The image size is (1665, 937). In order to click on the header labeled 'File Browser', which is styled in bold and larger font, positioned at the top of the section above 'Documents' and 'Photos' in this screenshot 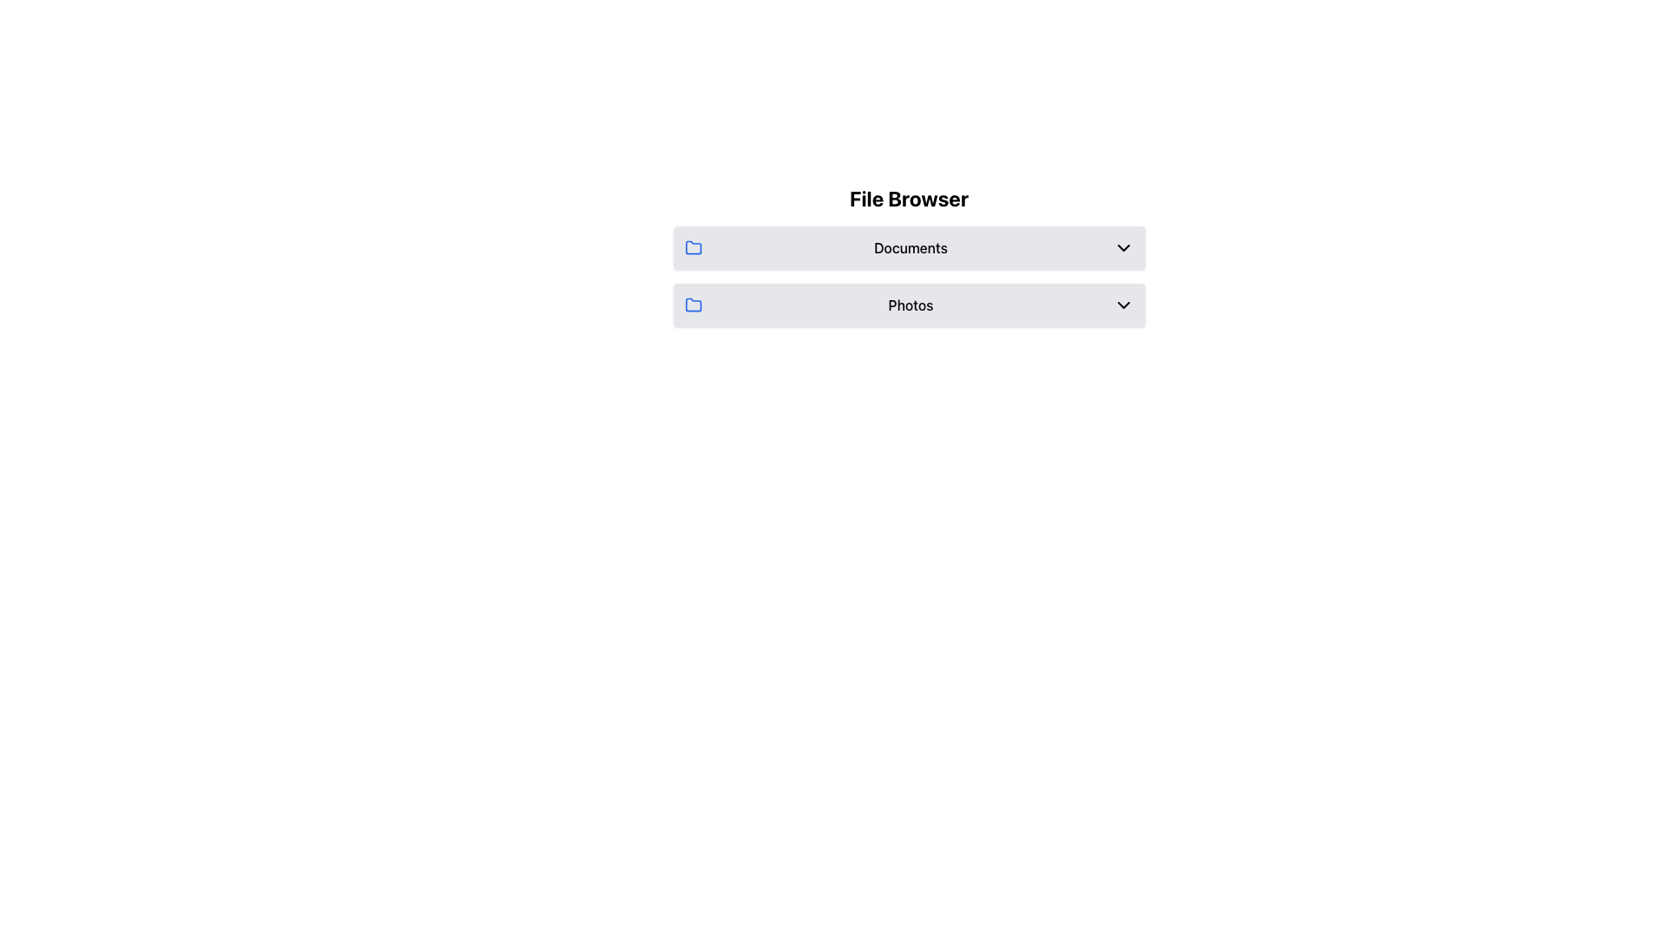, I will do `click(908, 197)`.